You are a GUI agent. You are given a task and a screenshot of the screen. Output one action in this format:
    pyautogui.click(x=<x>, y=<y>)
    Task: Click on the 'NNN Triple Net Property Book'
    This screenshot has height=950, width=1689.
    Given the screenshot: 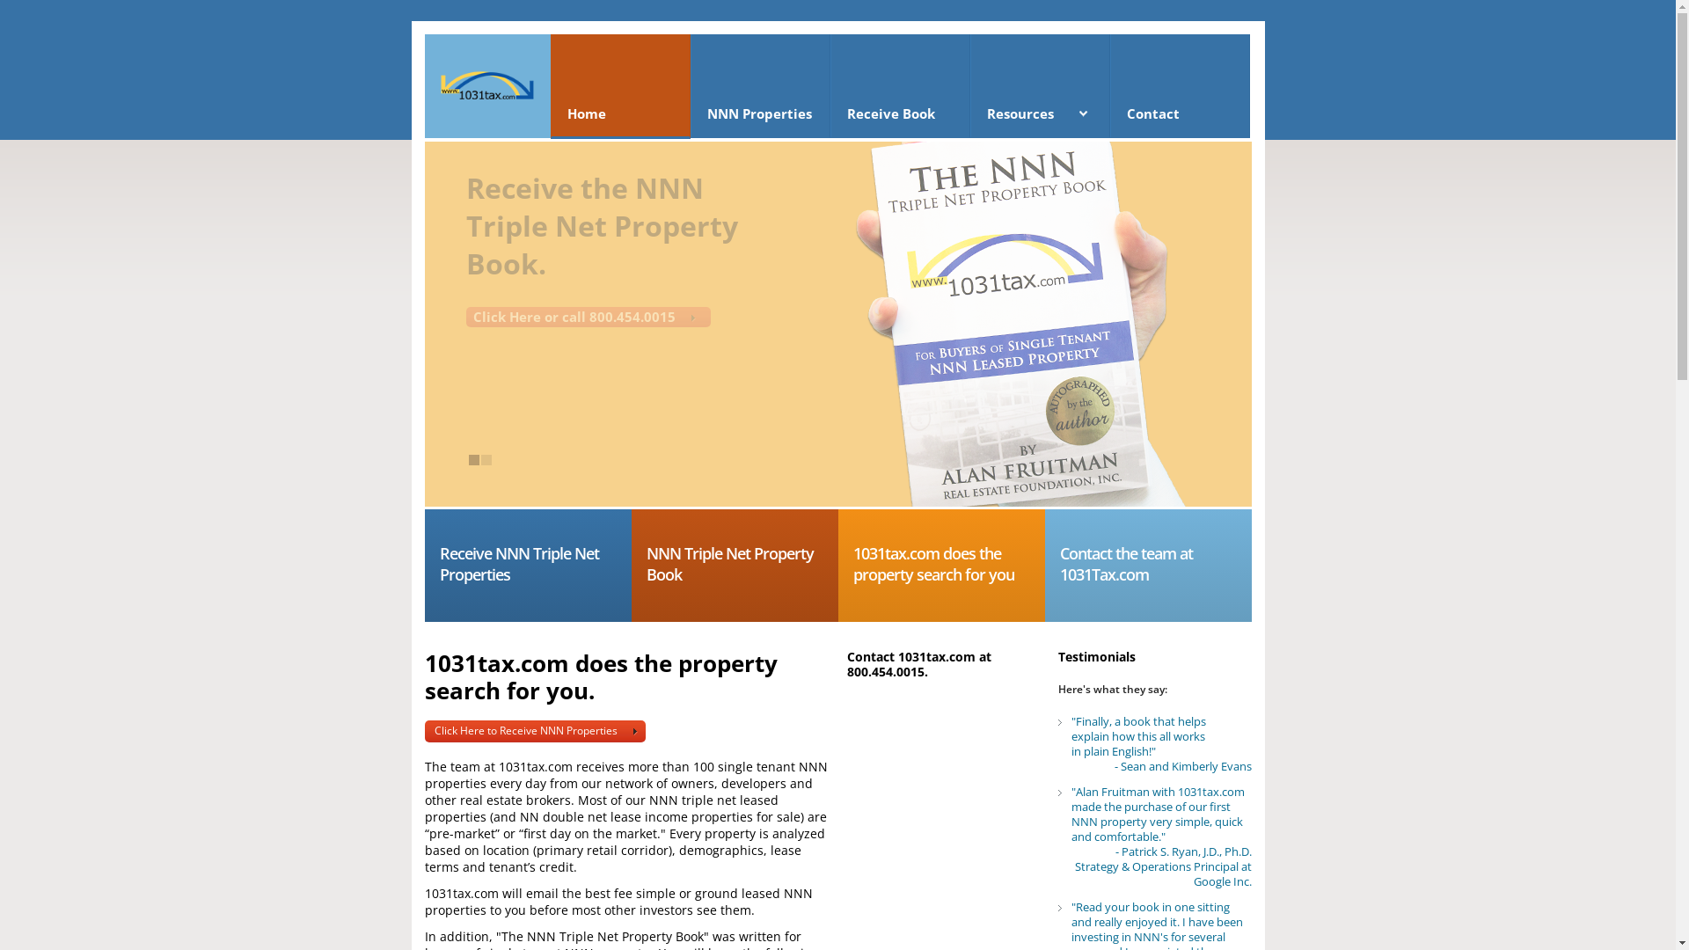 What is the action you would take?
    pyautogui.click(x=735, y=566)
    